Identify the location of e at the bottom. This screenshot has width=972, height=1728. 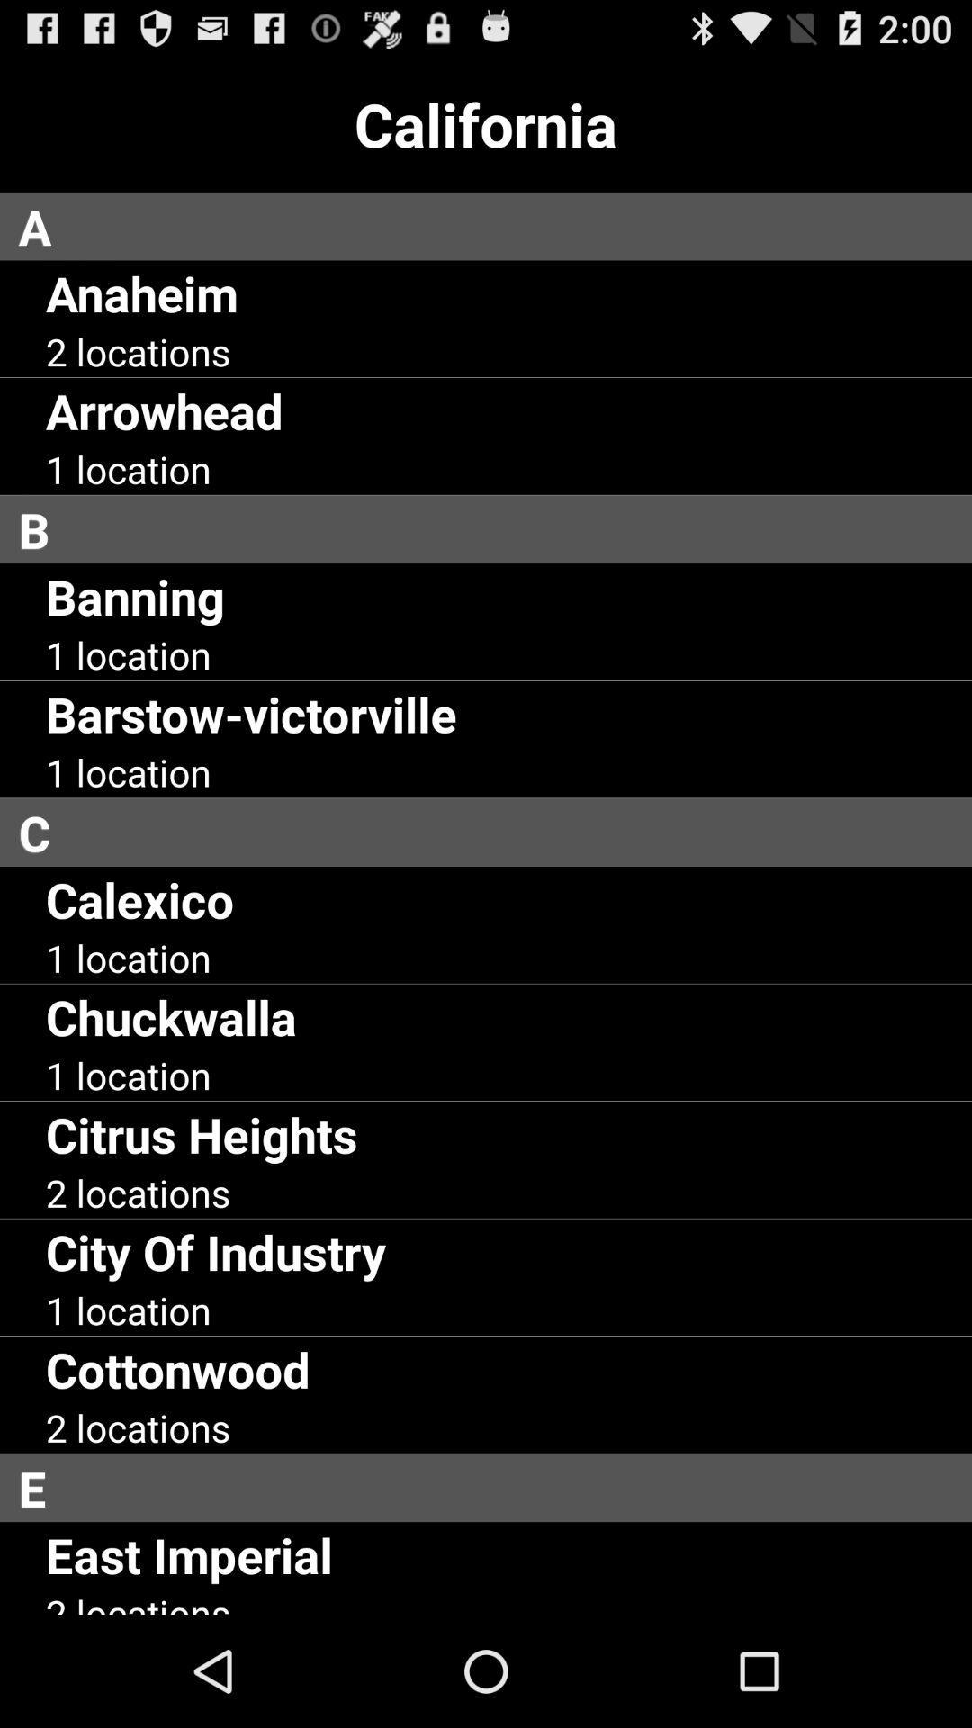
(495, 1488).